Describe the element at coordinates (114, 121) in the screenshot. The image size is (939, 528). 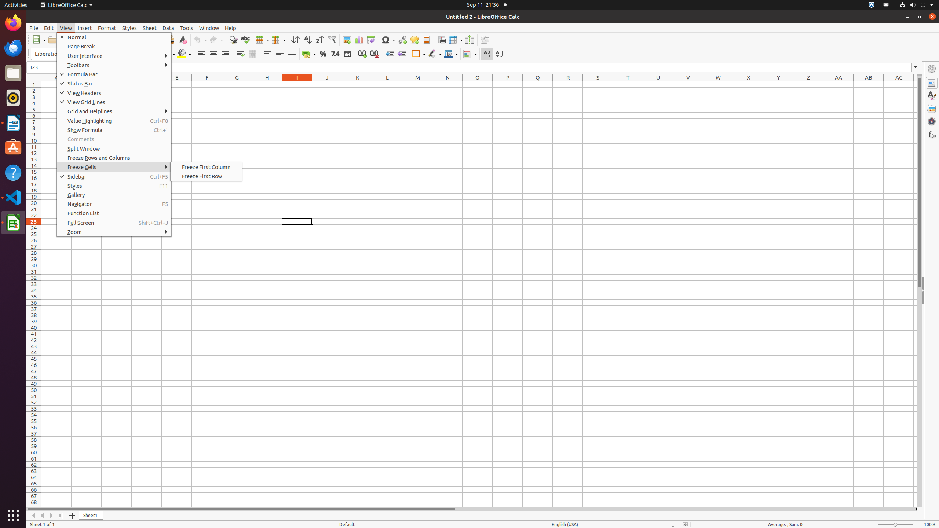
I see `'Value Highlighting'` at that location.